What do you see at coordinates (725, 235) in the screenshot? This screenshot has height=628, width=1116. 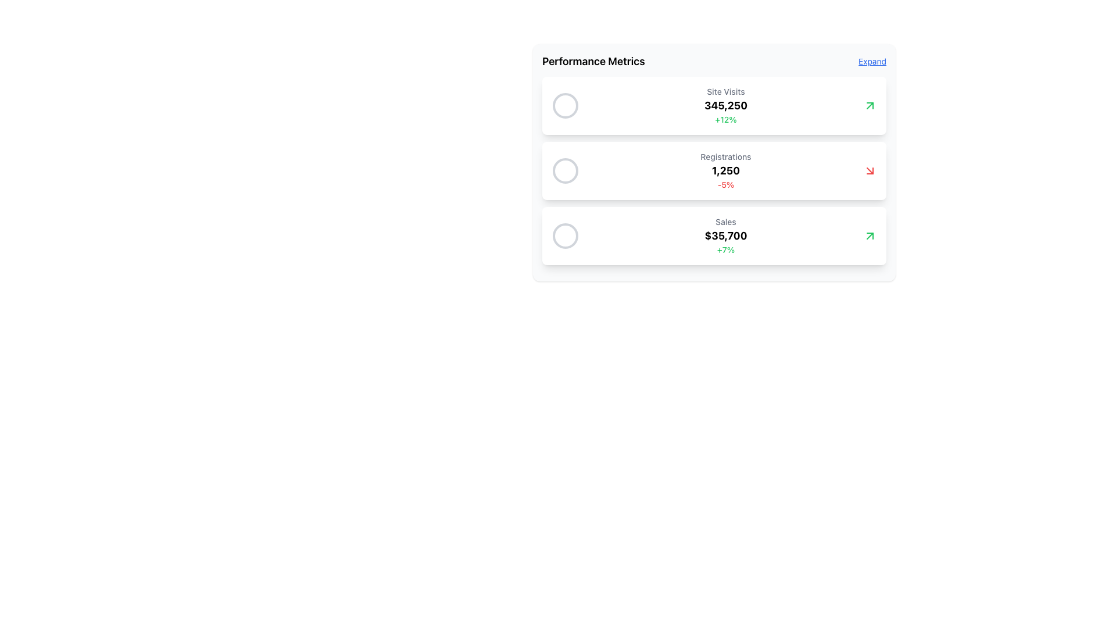 I see `the 'Sales' text block within the third card of the 'Performance Metrics' section` at bounding box center [725, 235].